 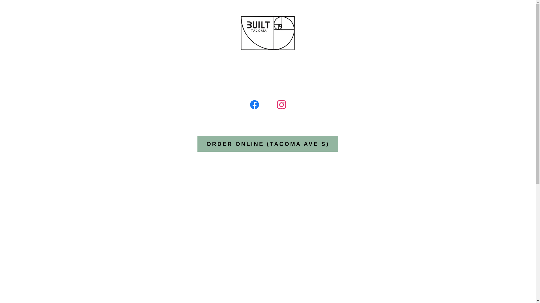 What do you see at coordinates (267, 144) in the screenshot?
I see `'ORDER ONLINE (TACOMA AVE S)'` at bounding box center [267, 144].